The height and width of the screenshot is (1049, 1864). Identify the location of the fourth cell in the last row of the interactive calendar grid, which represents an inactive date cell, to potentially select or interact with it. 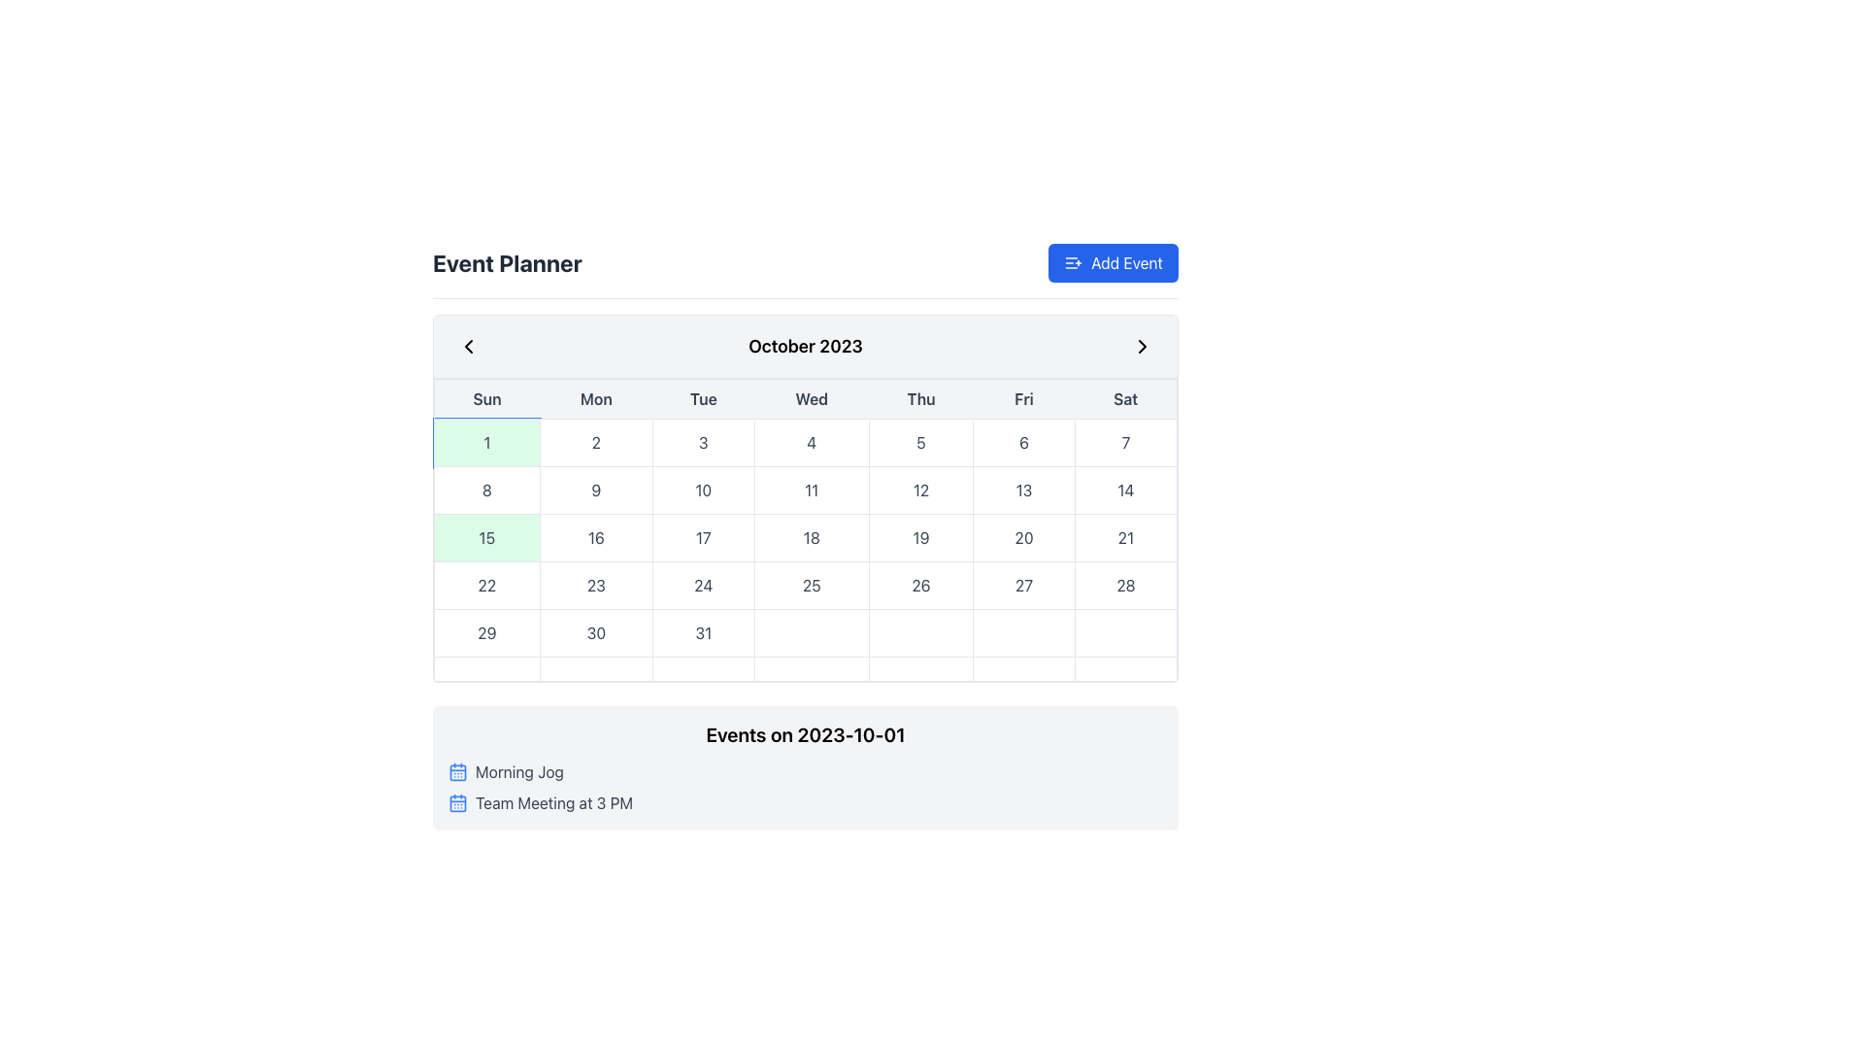
(812, 632).